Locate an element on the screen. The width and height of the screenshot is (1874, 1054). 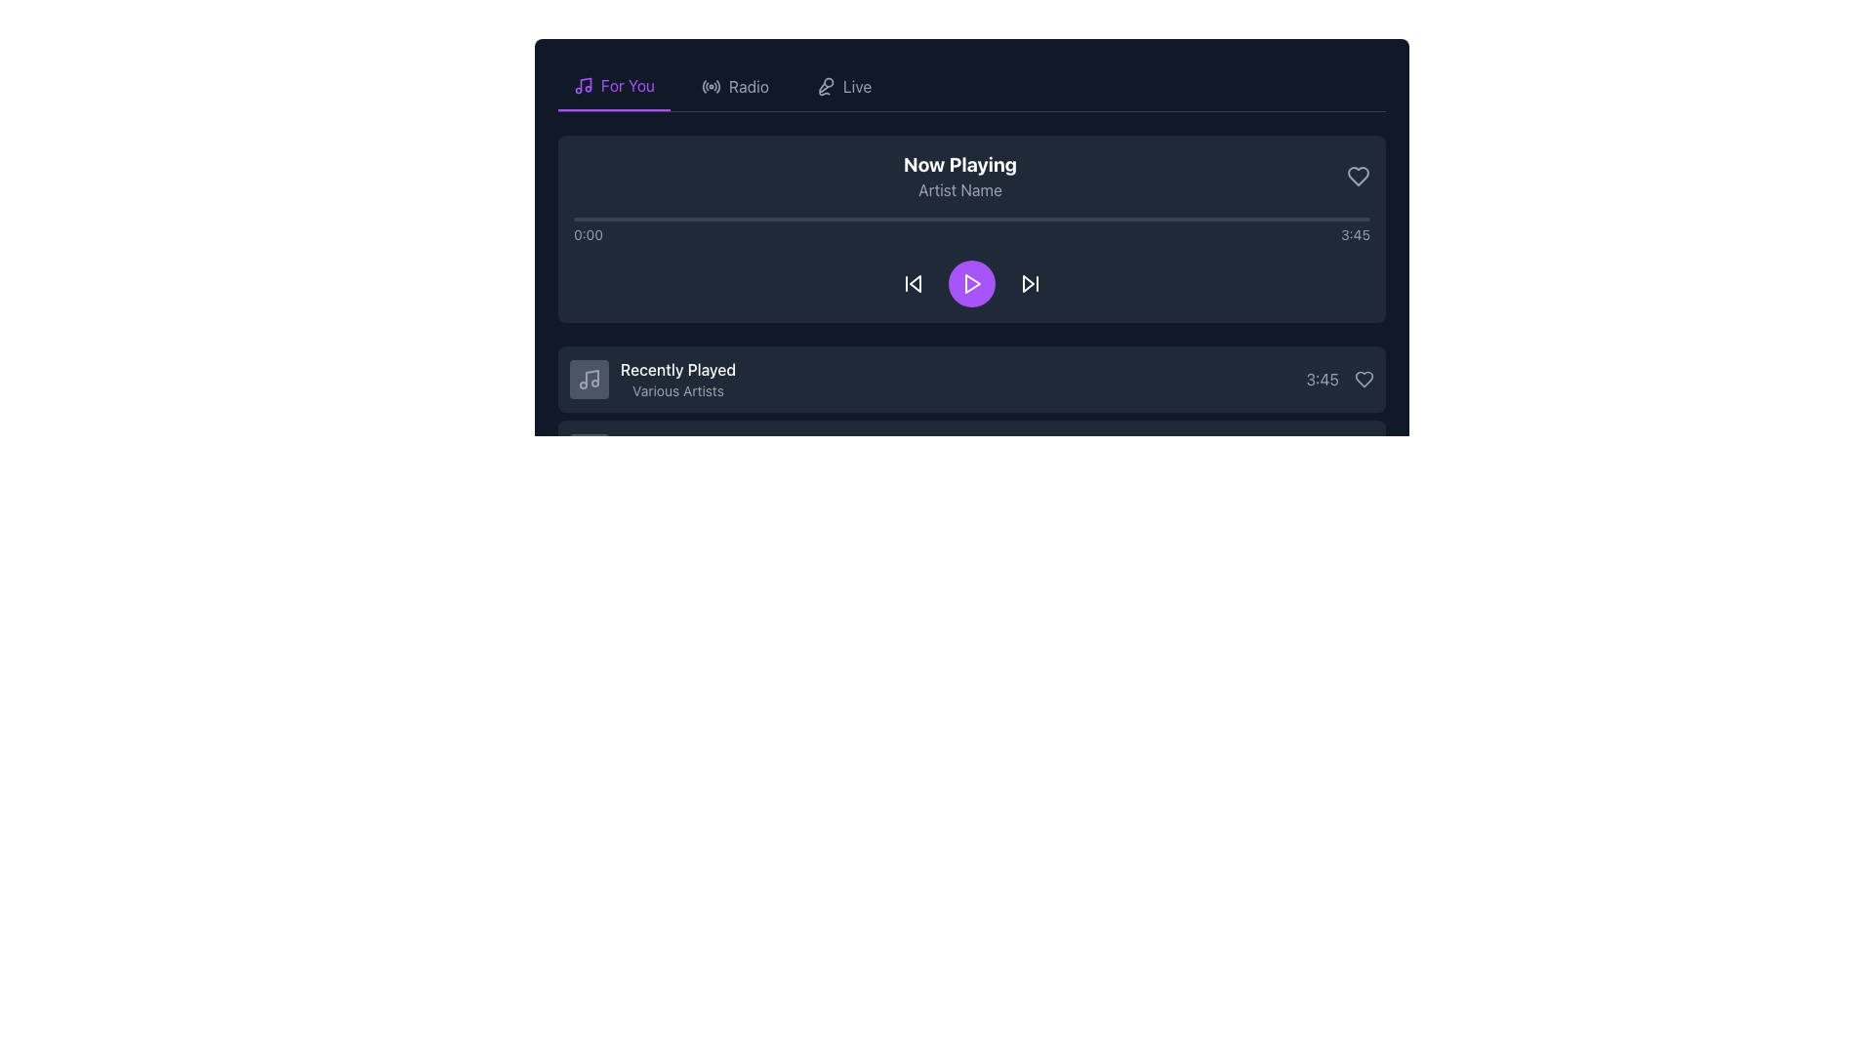
the displayed text '0:00' from the Text Label located at the left side of the progress bar in the Now Playing section is located at coordinates (588, 233).